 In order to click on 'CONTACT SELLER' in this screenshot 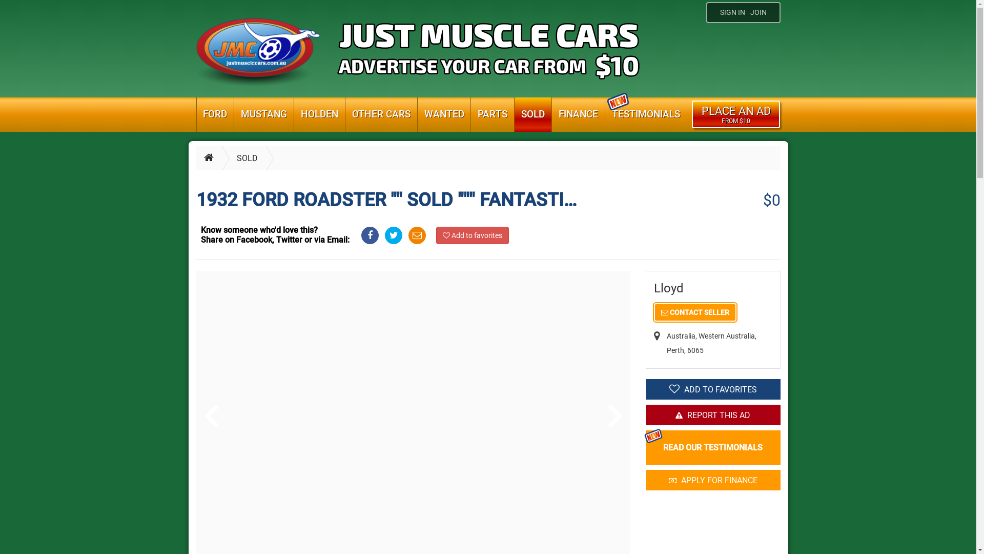, I will do `click(695, 312)`.